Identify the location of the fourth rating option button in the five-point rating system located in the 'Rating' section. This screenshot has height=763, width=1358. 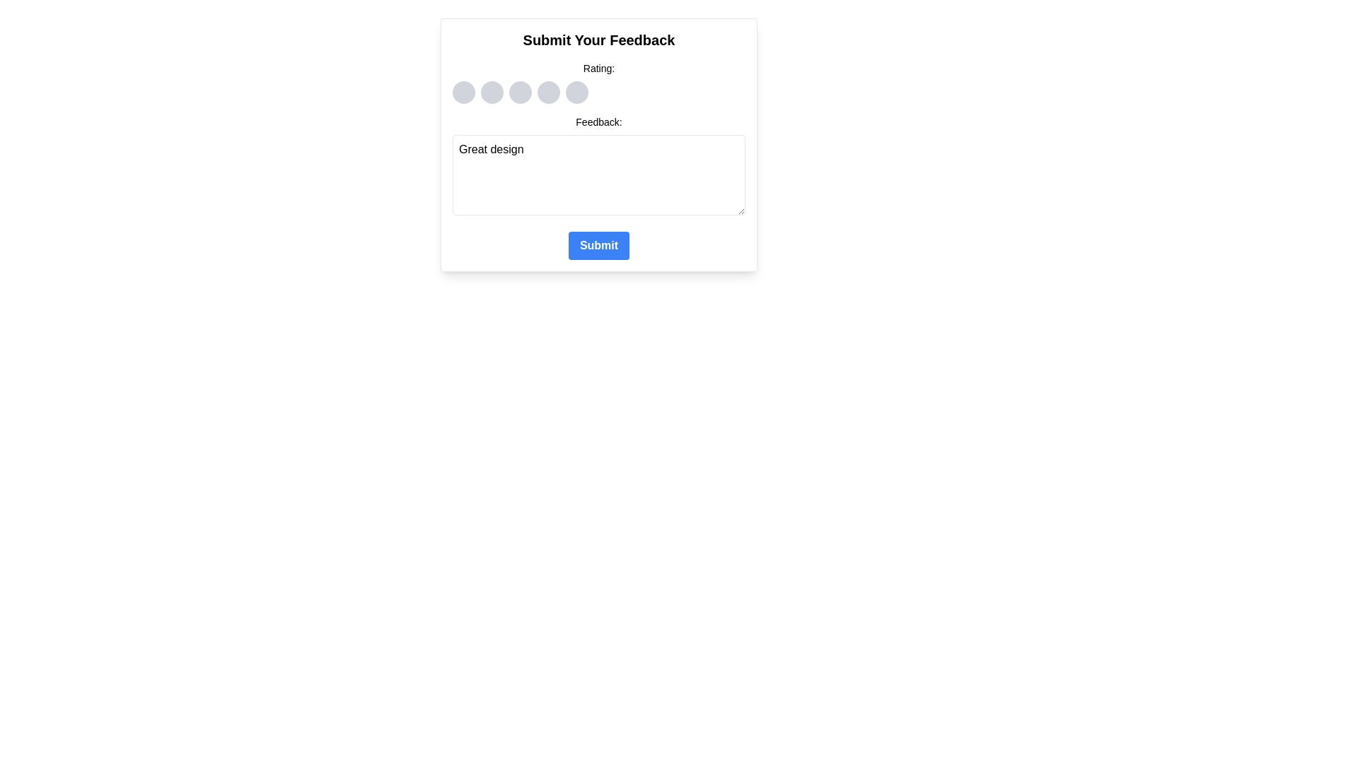
(548, 93).